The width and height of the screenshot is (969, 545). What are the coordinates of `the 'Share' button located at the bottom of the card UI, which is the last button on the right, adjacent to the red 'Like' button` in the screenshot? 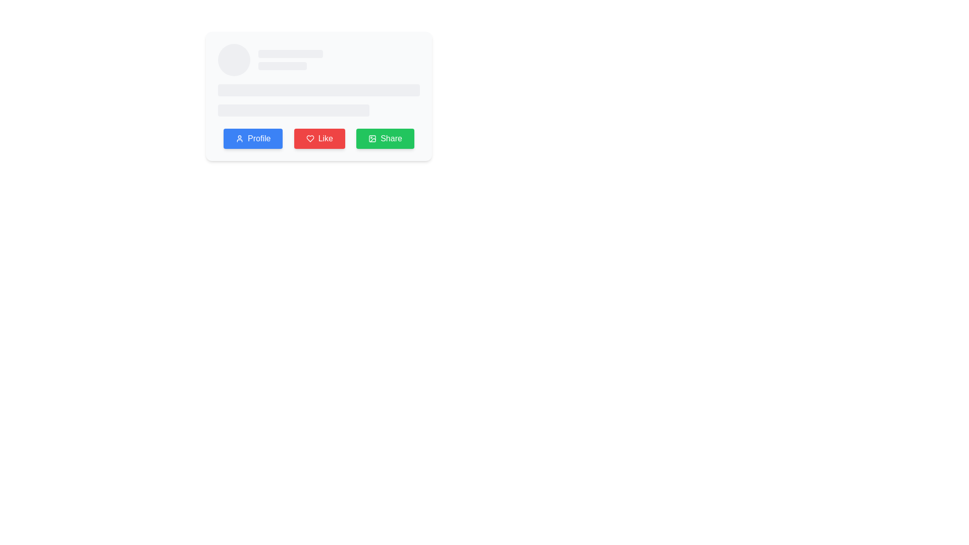 It's located at (385, 138).